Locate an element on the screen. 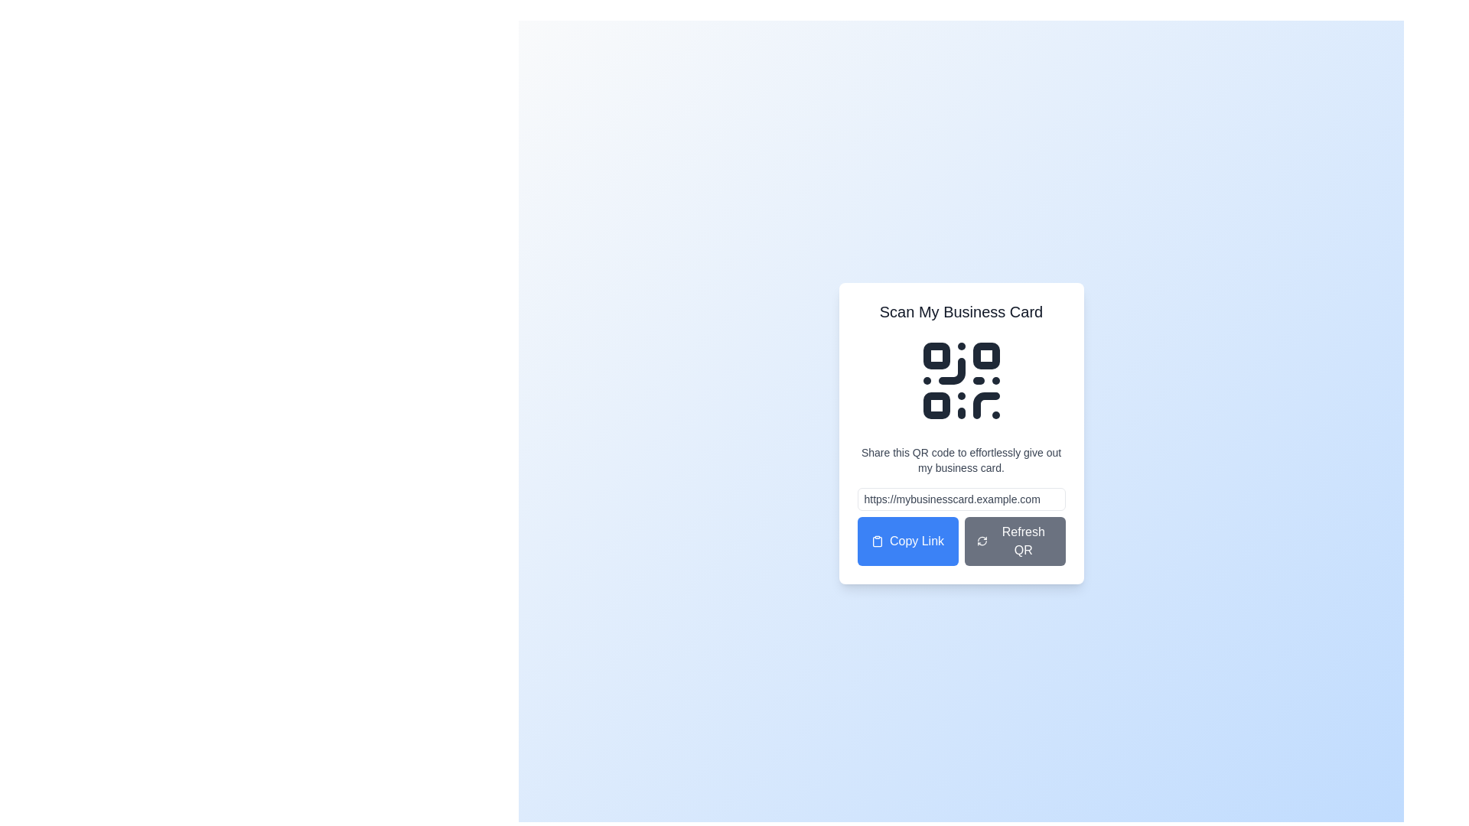 The image size is (1469, 826). the static text label at the top of the card interface indicating QR code sharing for business card information is located at coordinates (960, 311).